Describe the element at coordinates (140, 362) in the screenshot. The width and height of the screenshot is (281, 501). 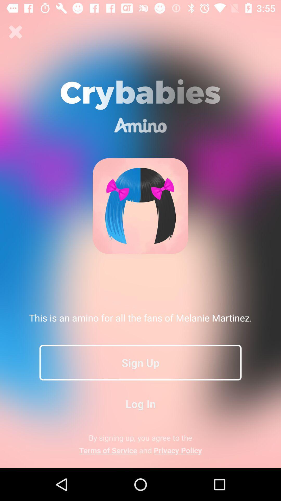
I see `button above the log in` at that location.